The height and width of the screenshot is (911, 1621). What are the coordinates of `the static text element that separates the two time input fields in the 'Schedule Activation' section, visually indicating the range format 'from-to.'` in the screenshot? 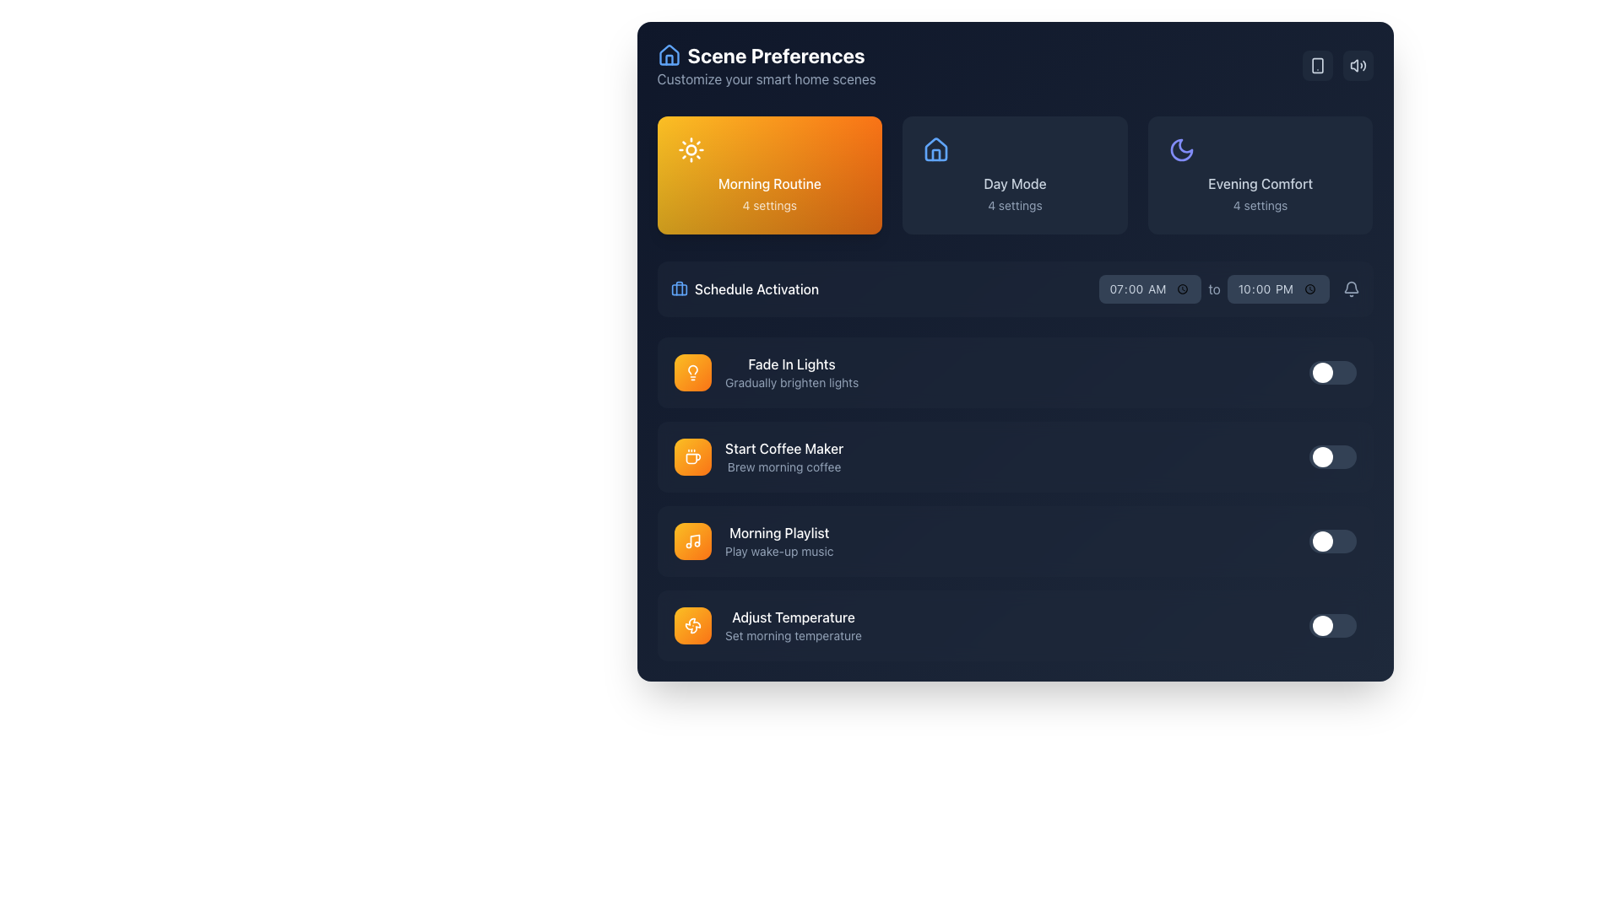 It's located at (1229, 288).